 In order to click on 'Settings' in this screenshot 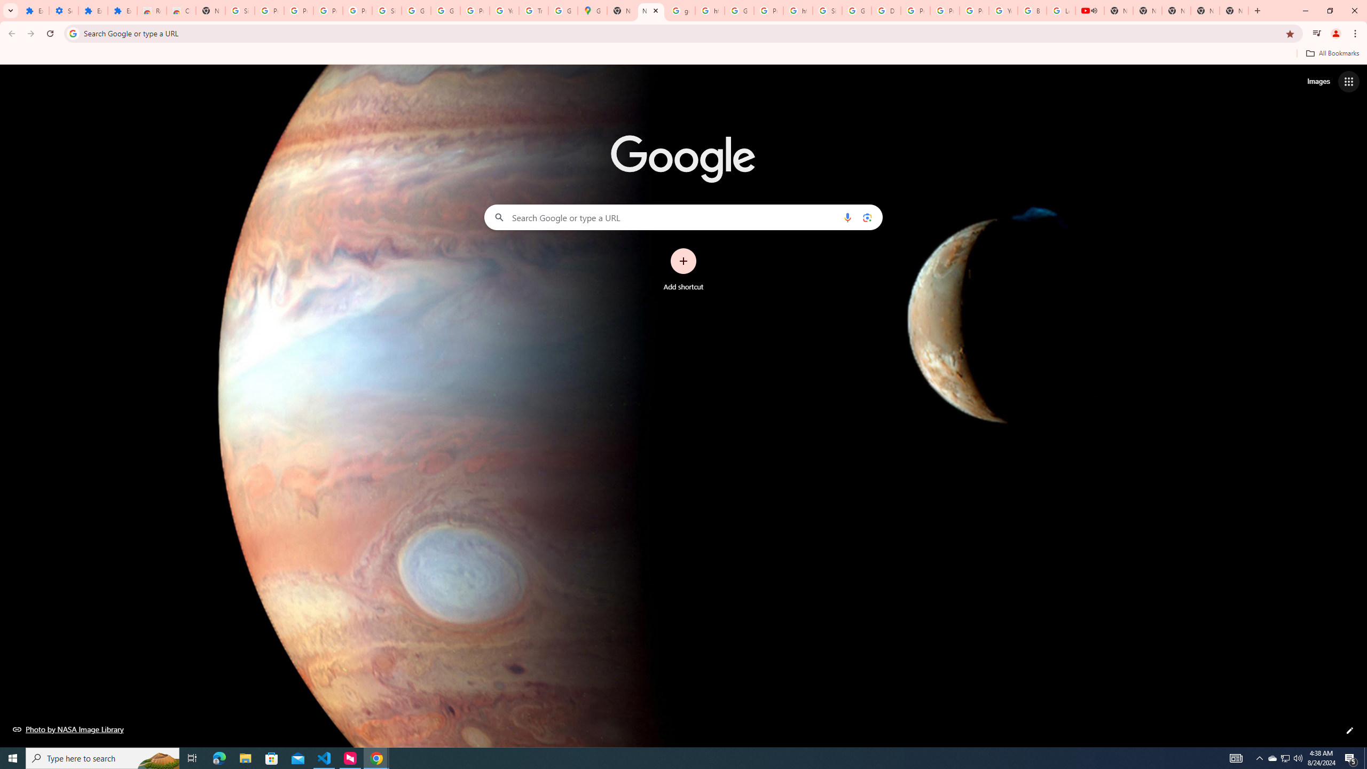, I will do `click(63, 10)`.